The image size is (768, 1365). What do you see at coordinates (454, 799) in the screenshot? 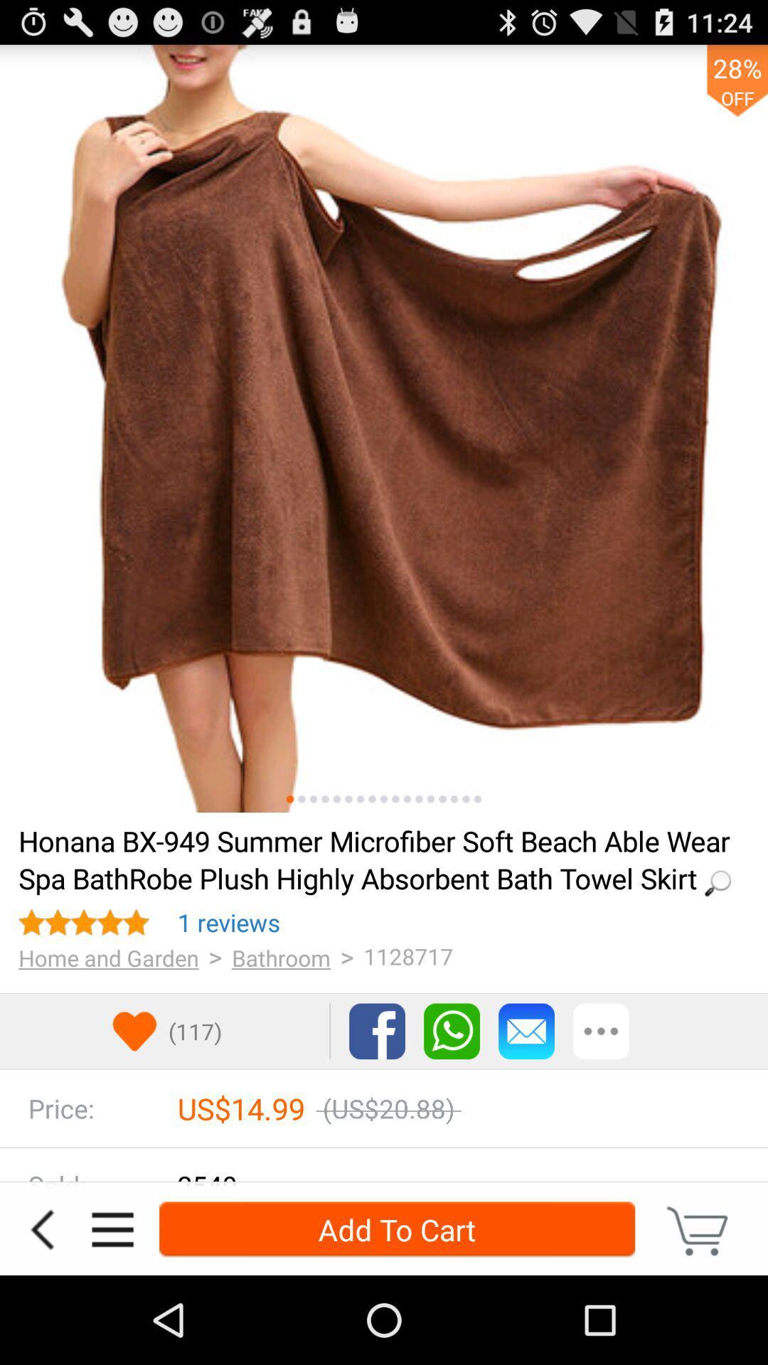
I see `the item above the loading... item` at bounding box center [454, 799].